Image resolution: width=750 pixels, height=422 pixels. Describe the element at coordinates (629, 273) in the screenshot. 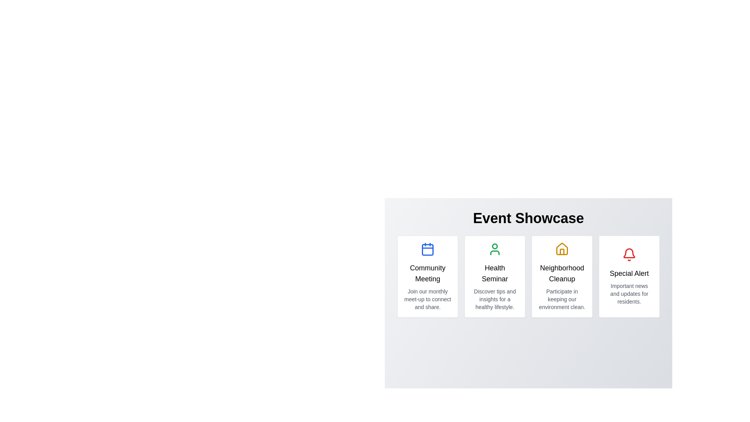

I see `the text label that serves as a heading for critical updates, located in the rightmost card below the red notification bell icon` at that location.